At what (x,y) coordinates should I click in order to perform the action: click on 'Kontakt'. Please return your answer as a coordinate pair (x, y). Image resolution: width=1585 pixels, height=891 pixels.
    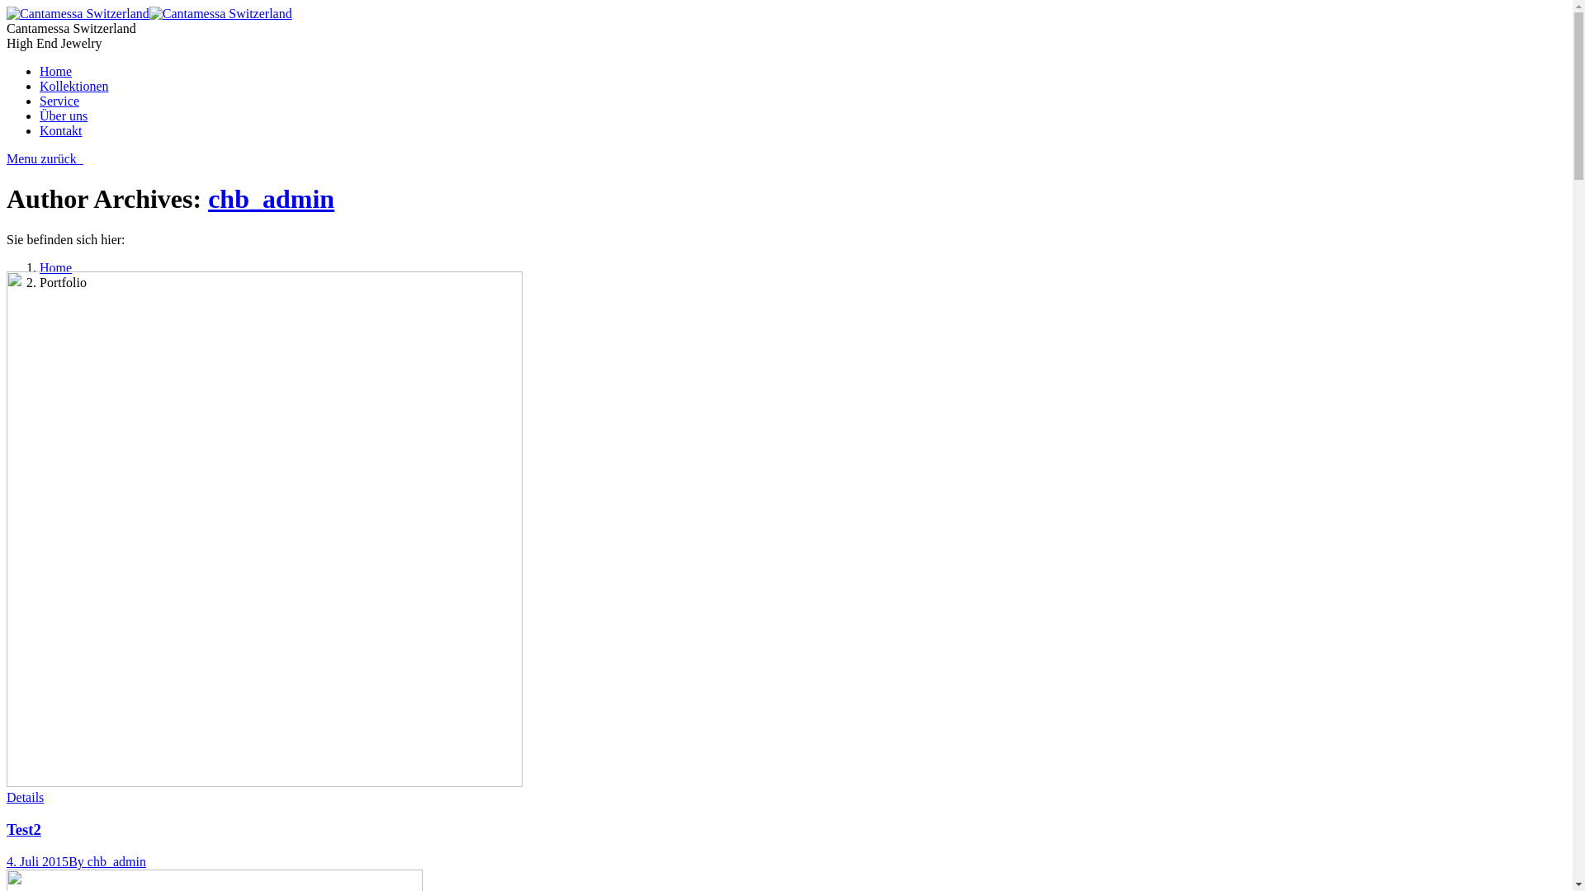
    Looking at the image, I should click on (60, 130).